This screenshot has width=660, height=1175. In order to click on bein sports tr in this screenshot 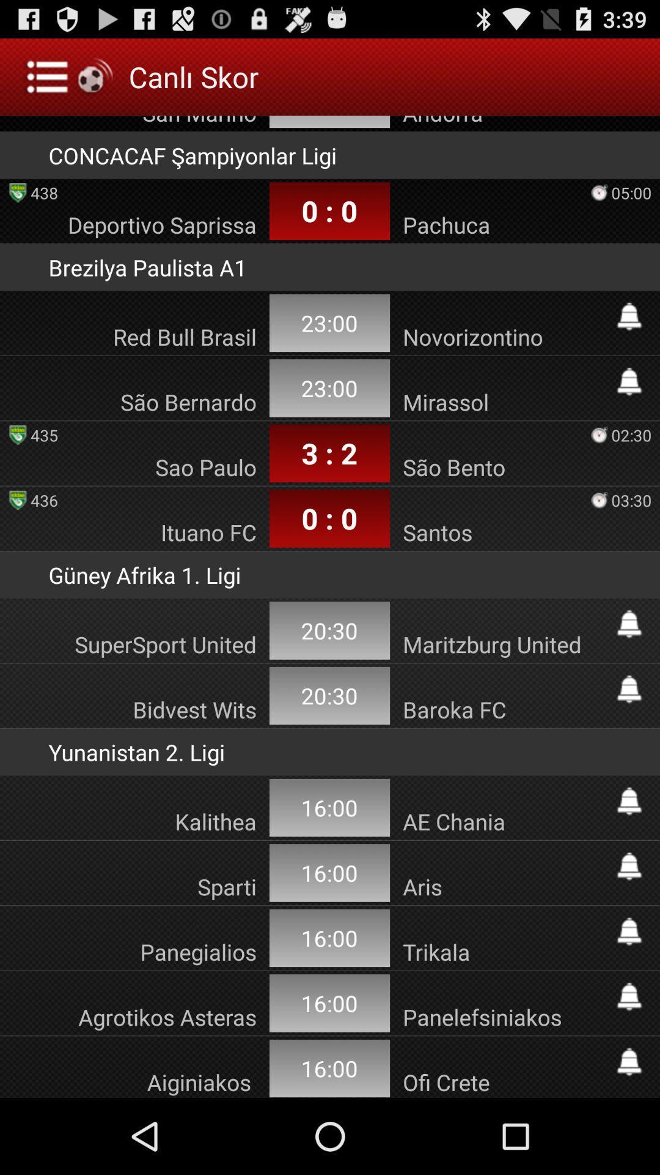, I will do `click(629, 996)`.